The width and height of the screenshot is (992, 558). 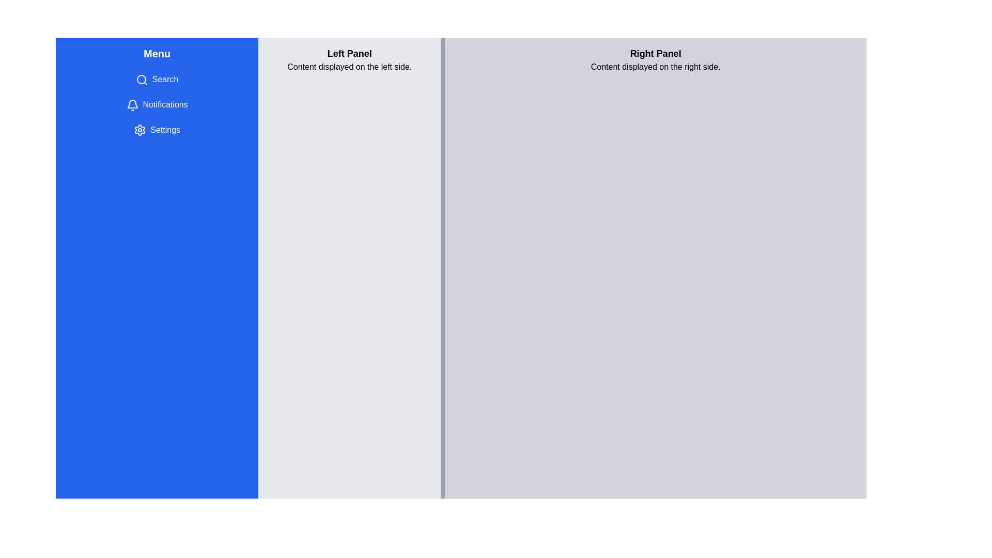 What do you see at coordinates (349, 67) in the screenshot?
I see `the Text Label that provides information relevant to the left panel of the interface, located under the 'Left Panel' heading` at bounding box center [349, 67].